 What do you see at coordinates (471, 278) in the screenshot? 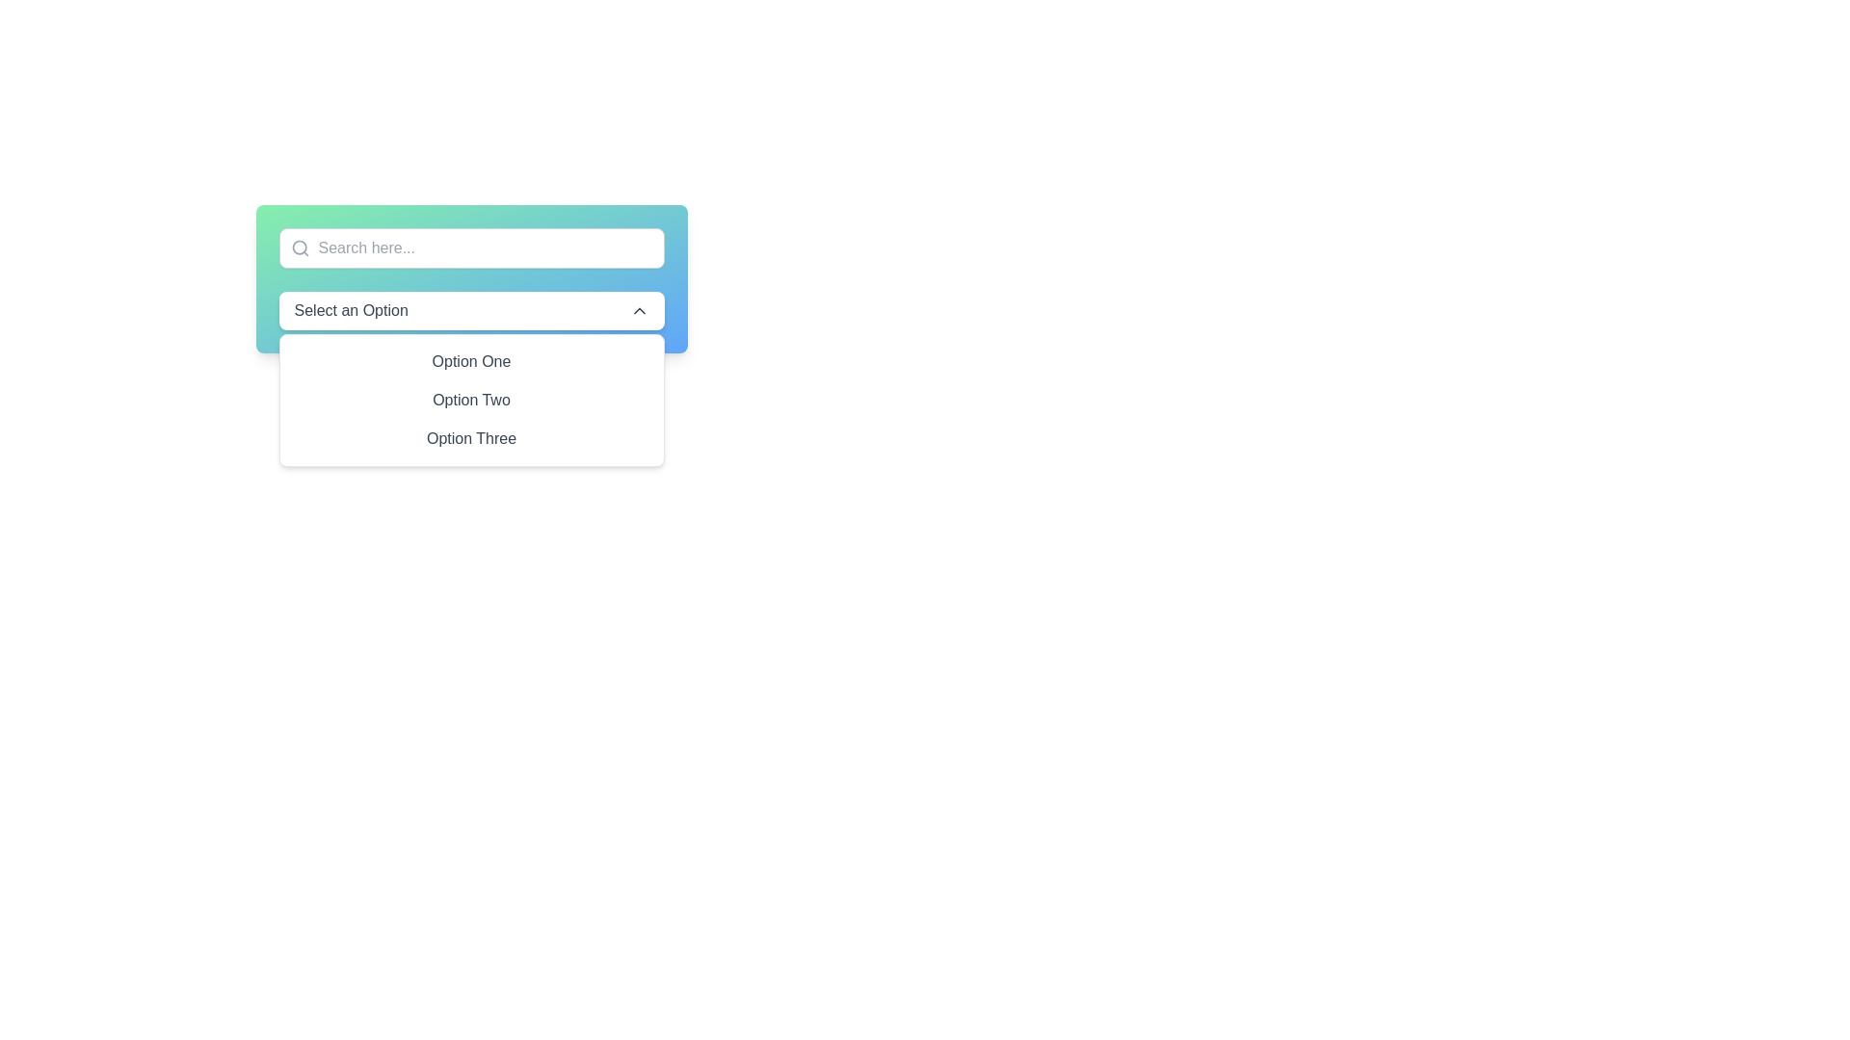
I see `the dropdown menu labeled 'Select an Option'` at bounding box center [471, 278].